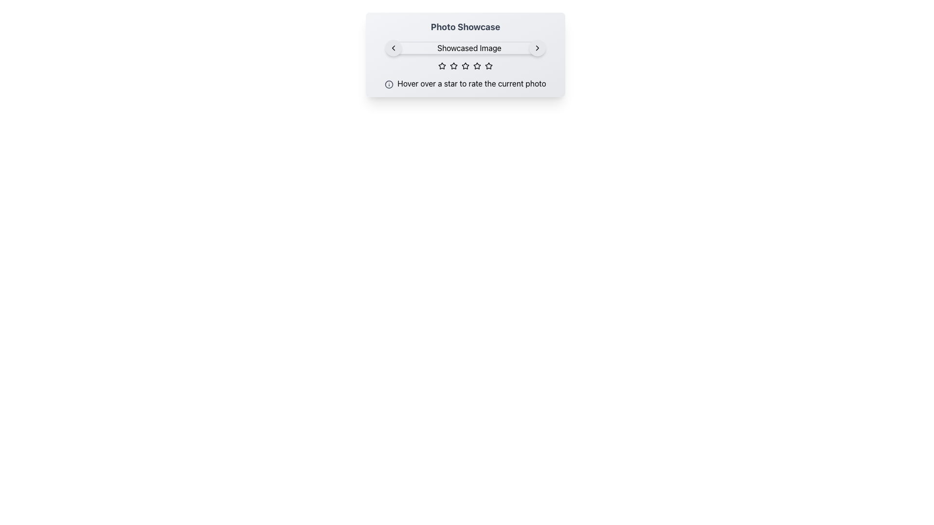  What do you see at coordinates (537, 48) in the screenshot?
I see `the circular button with a light gray background and rightward chevron icon located at the top-center of the interface` at bounding box center [537, 48].